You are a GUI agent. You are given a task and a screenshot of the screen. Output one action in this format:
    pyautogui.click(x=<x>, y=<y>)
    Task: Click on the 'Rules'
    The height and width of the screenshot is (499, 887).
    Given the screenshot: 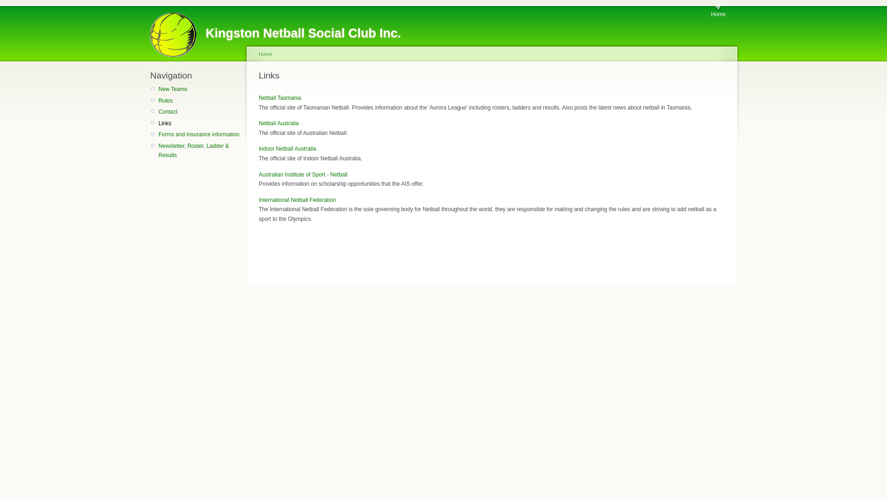 What is the action you would take?
    pyautogui.click(x=199, y=101)
    